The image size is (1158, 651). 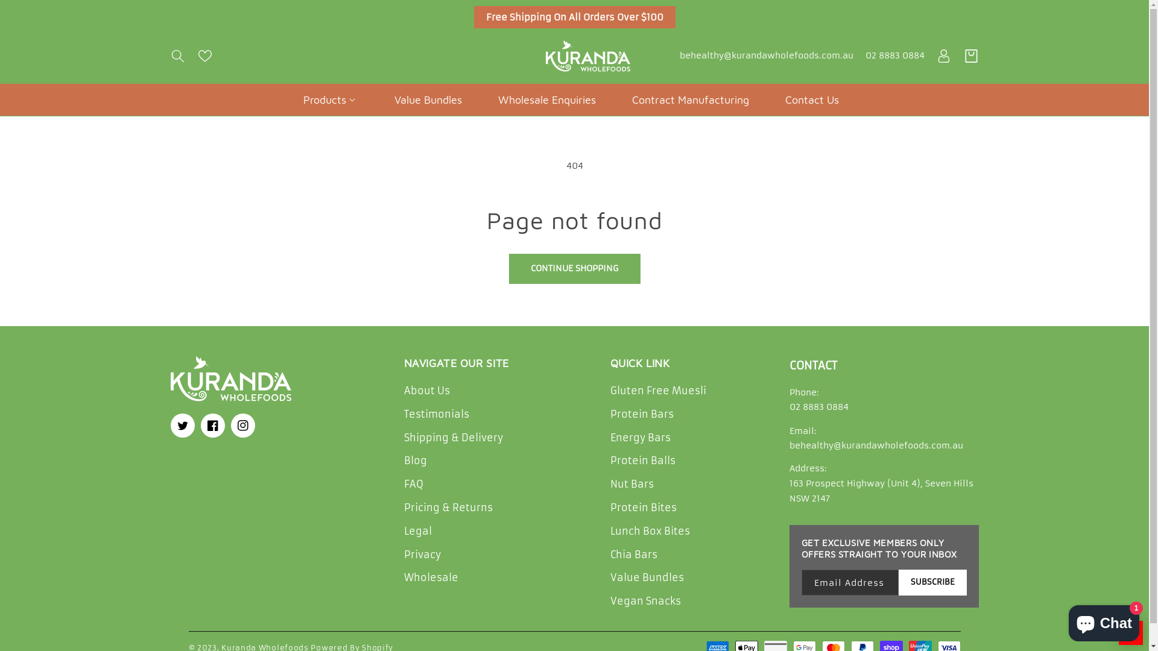 I want to click on 'CONTINUE SHOPPING', so click(x=574, y=268).